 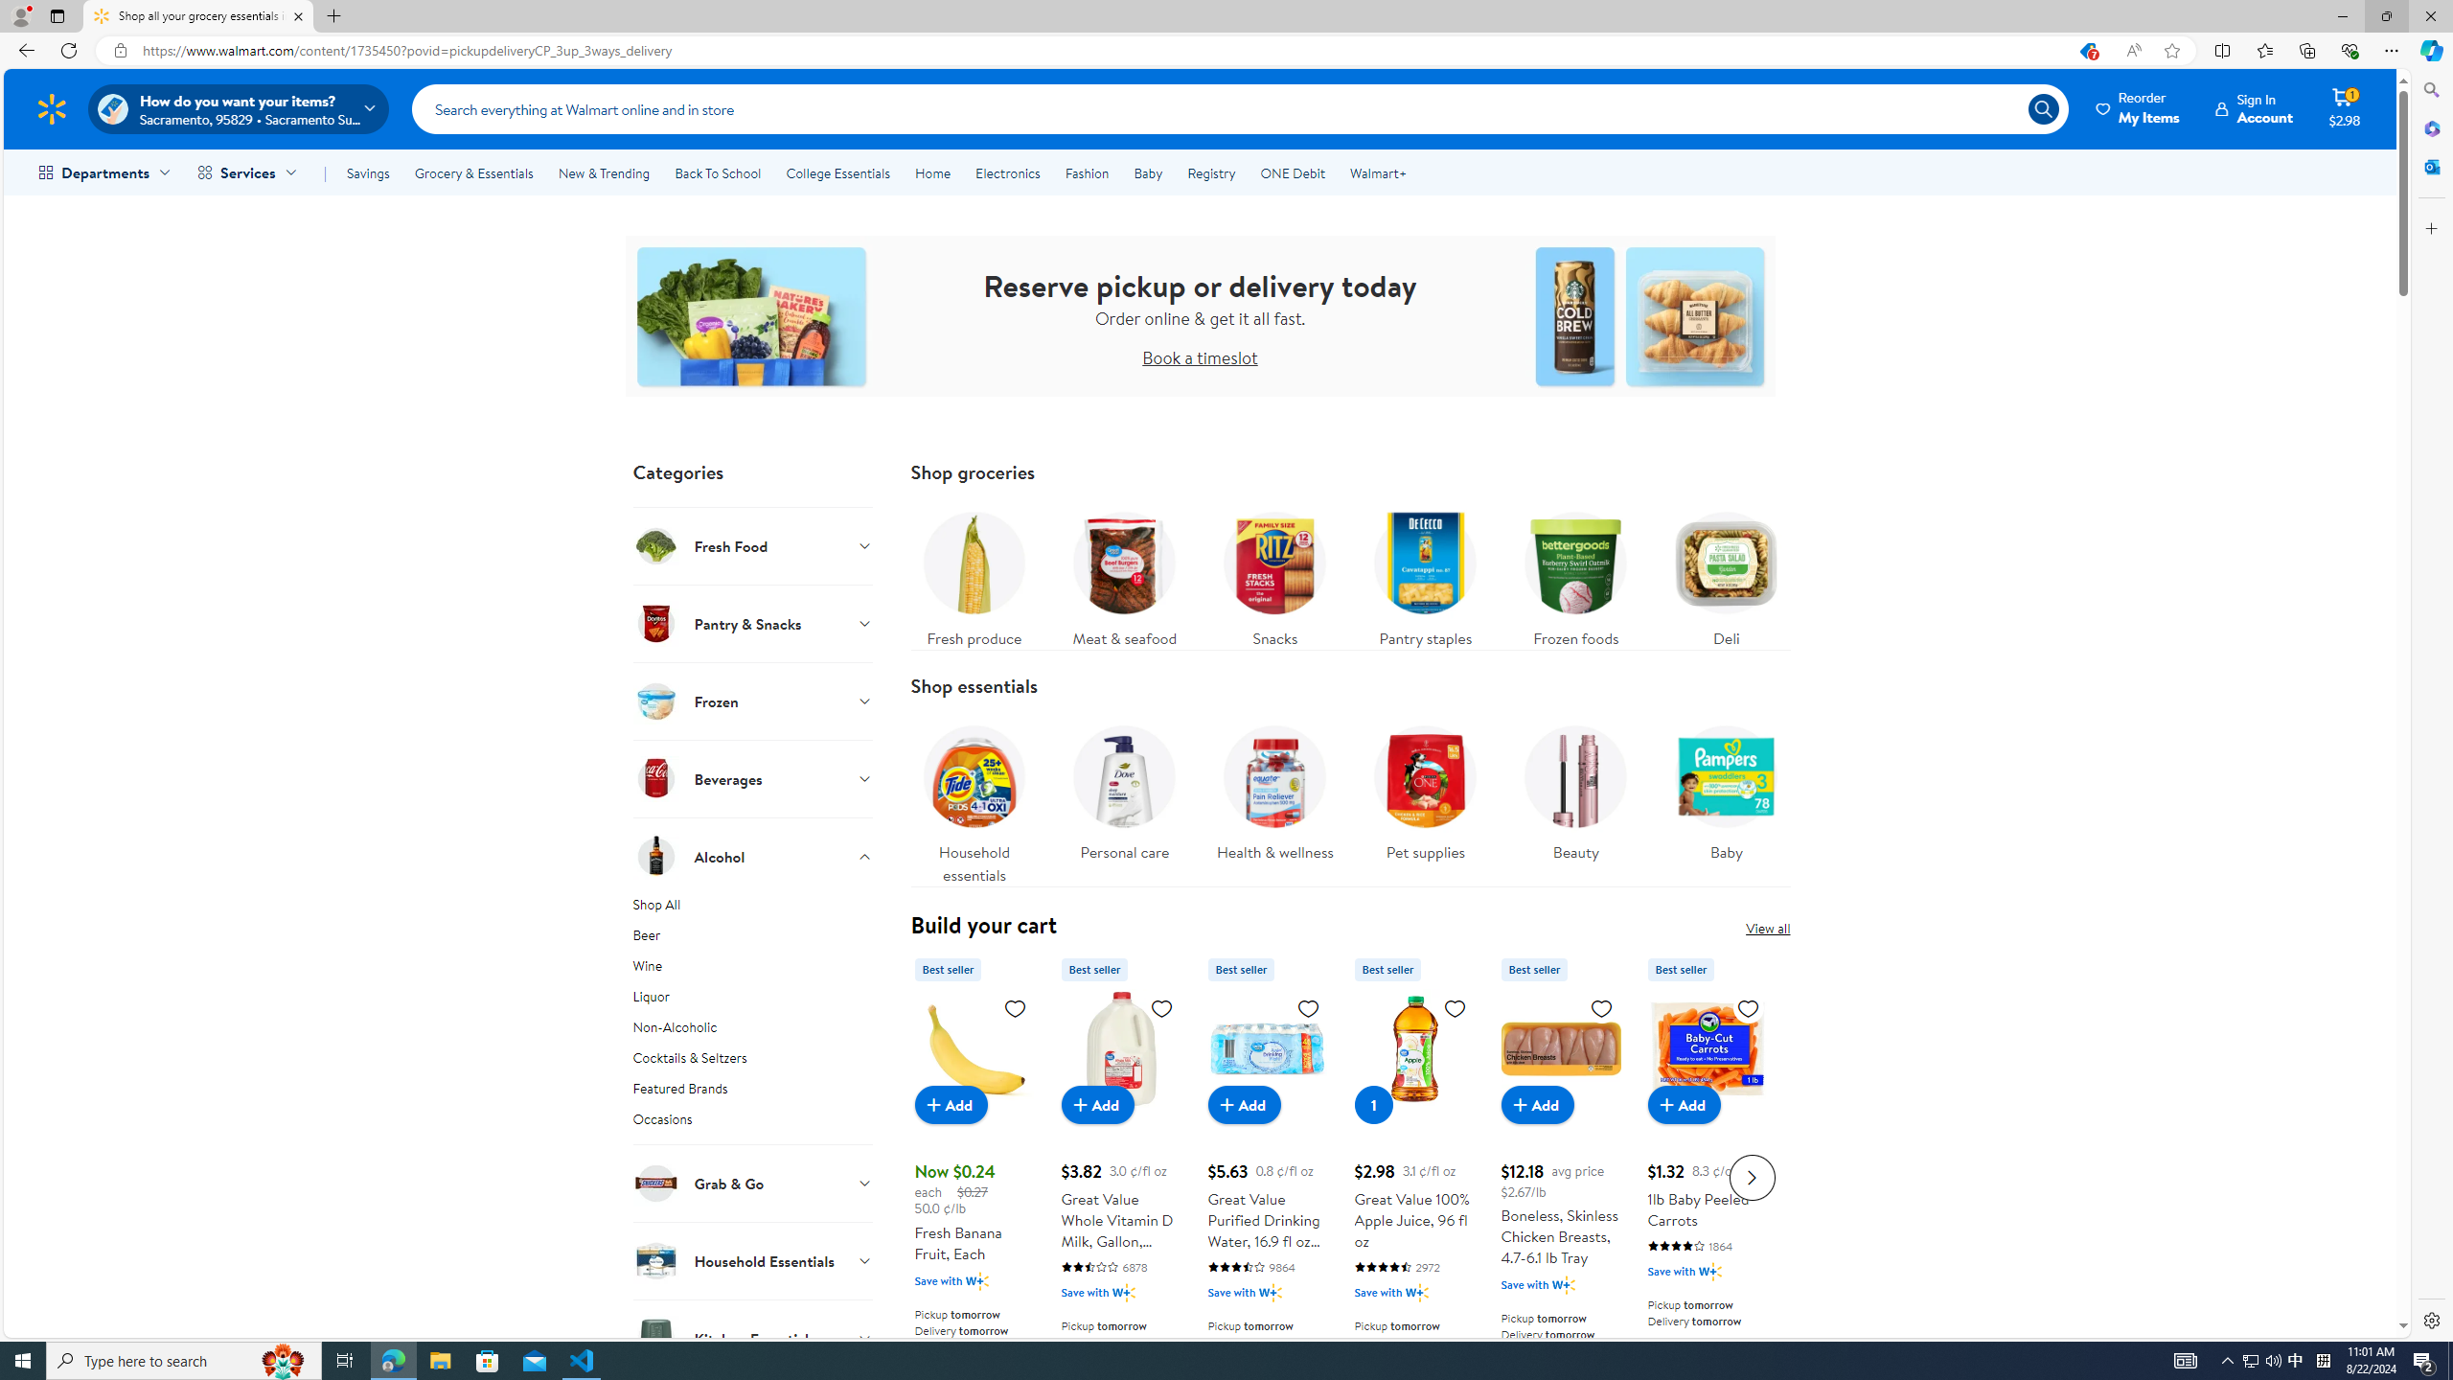 What do you see at coordinates (751, 908) in the screenshot?
I see `'Shop All'` at bounding box center [751, 908].